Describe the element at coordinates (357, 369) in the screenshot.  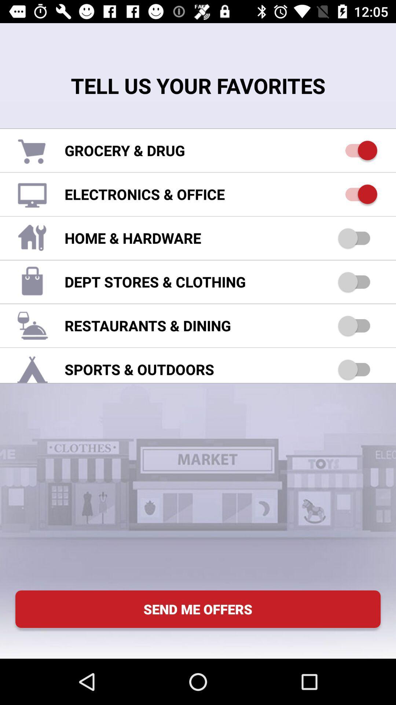
I see `switch sports outdoor under favorites` at that location.